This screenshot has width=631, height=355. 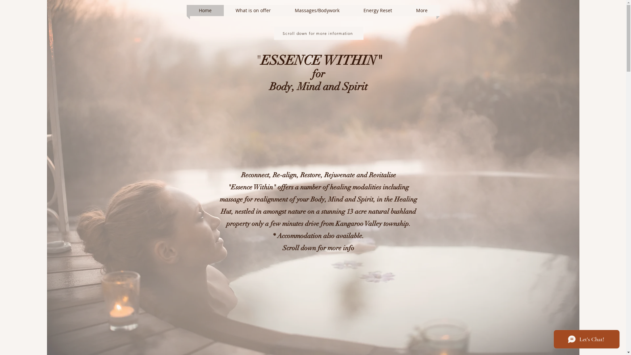 I want to click on 'Scroll down for more information', so click(x=274, y=33).